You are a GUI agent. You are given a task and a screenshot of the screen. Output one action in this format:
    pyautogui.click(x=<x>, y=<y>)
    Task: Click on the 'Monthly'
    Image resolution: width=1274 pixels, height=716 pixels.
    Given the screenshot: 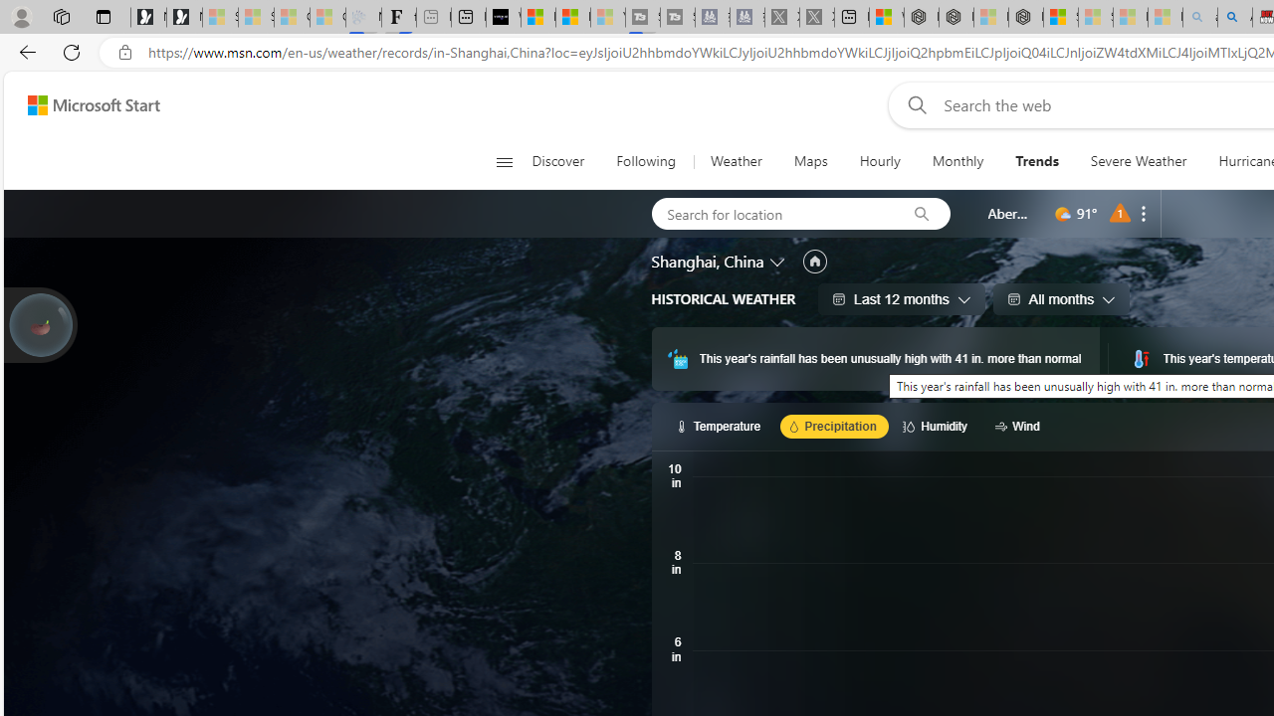 What is the action you would take?
    pyautogui.click(x=957, y=161)
    